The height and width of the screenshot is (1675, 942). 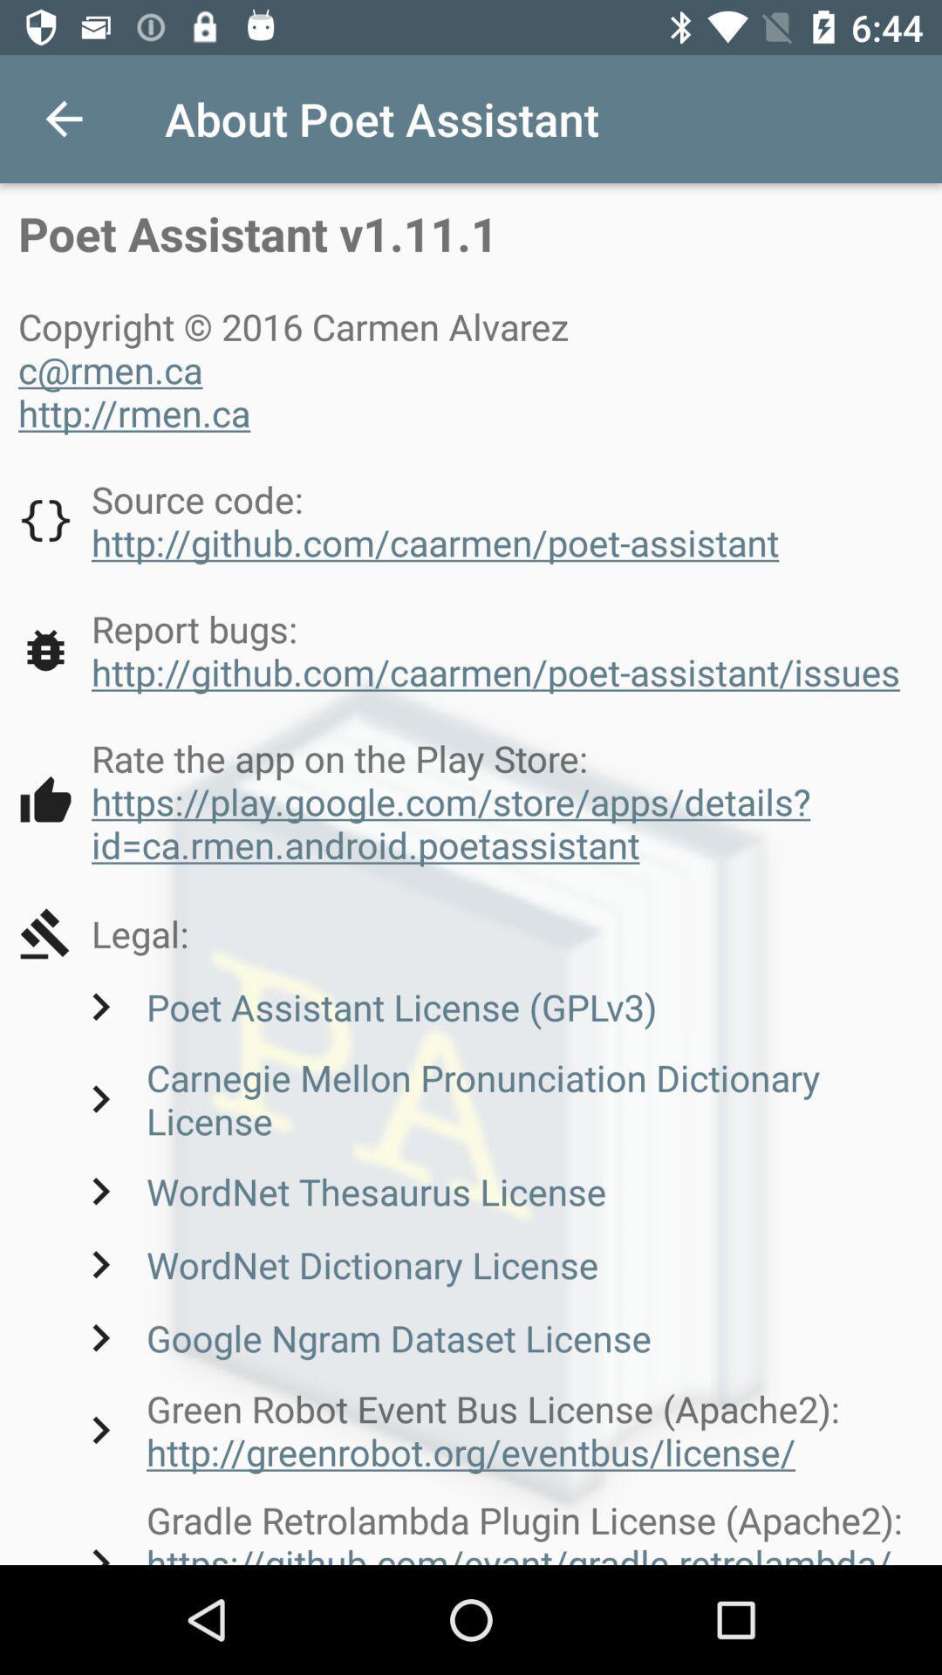 What do you see at coordinates (361, 1337) in the screenshot?
I see `the item below wordnet dictionary license icon` at bounding box center [361, 1337].